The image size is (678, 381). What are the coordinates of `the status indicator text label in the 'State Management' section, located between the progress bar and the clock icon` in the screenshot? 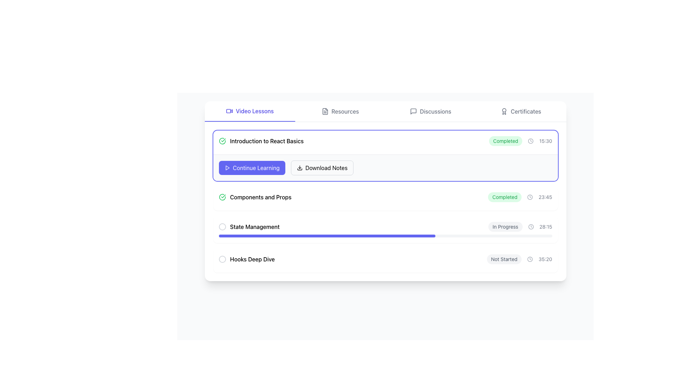 It's located at (505, 227).